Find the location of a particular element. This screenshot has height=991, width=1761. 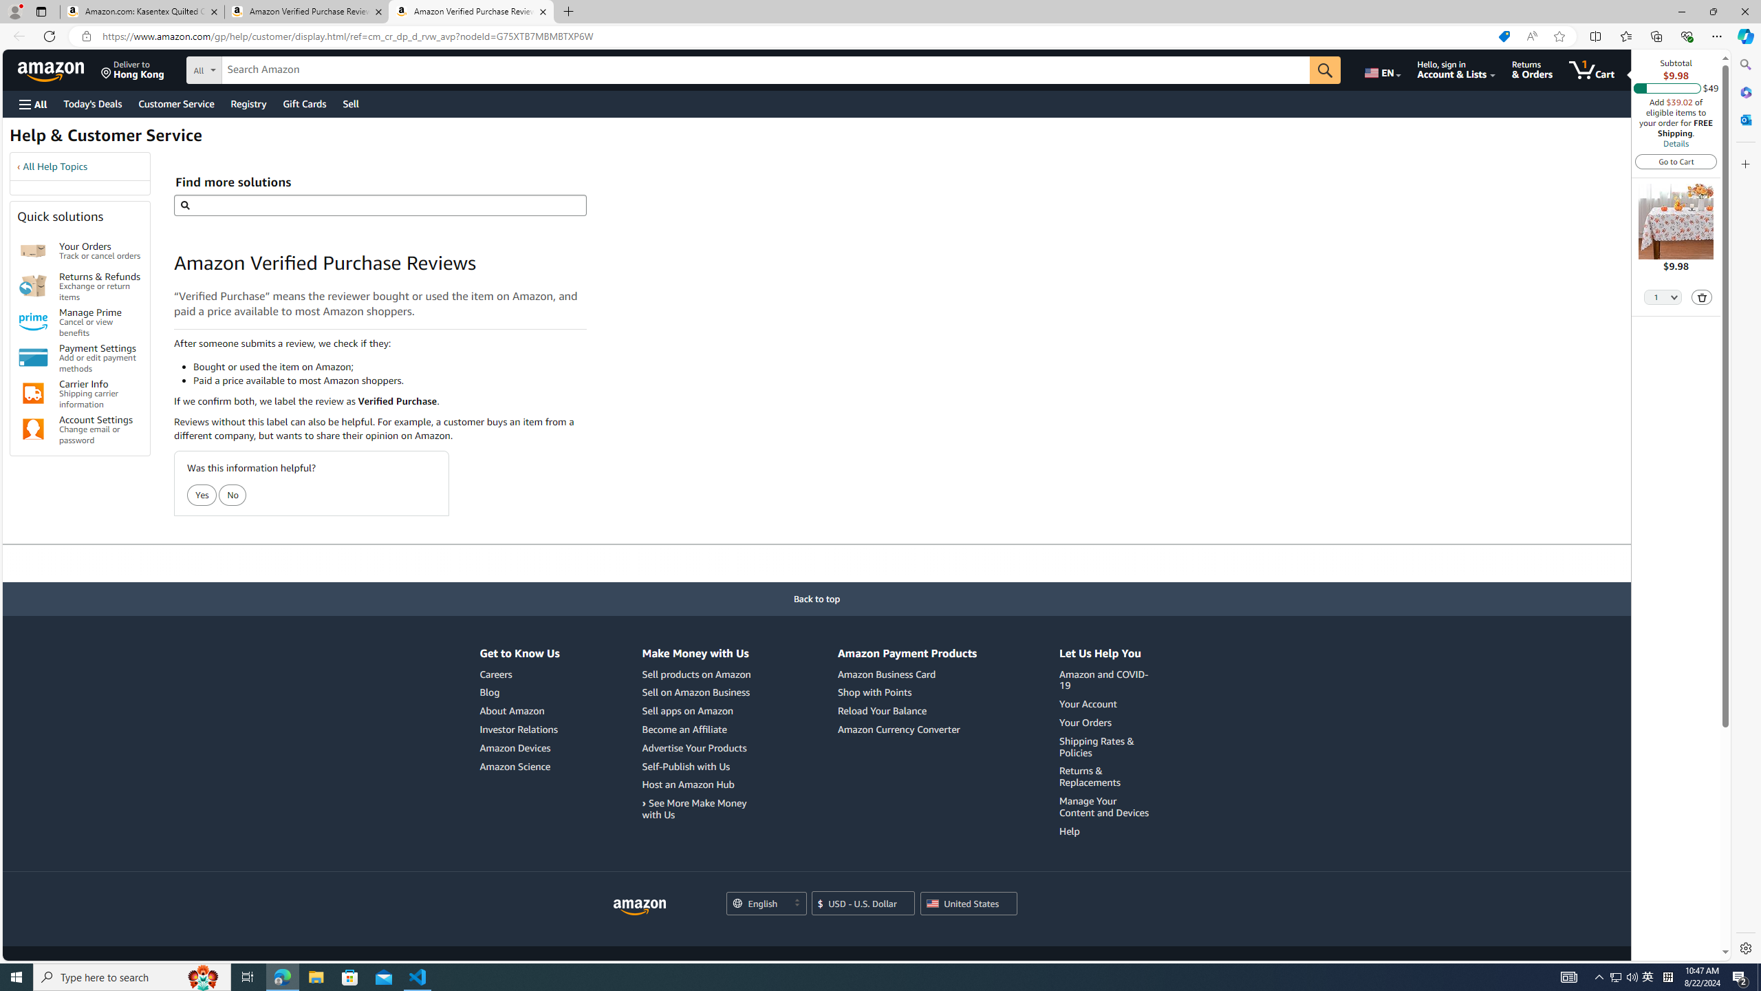

'Amazon Science' is located at coordinates (514, 765).